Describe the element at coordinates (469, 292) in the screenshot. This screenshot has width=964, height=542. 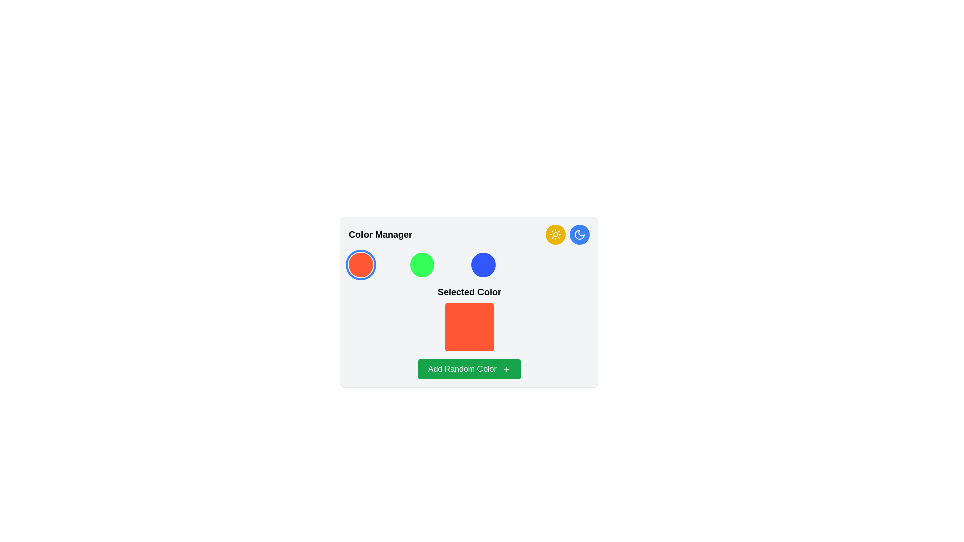
I see `the bold text label reading 'Selected Color', which is visually prominent and located below a row of three colored circles` at that location.